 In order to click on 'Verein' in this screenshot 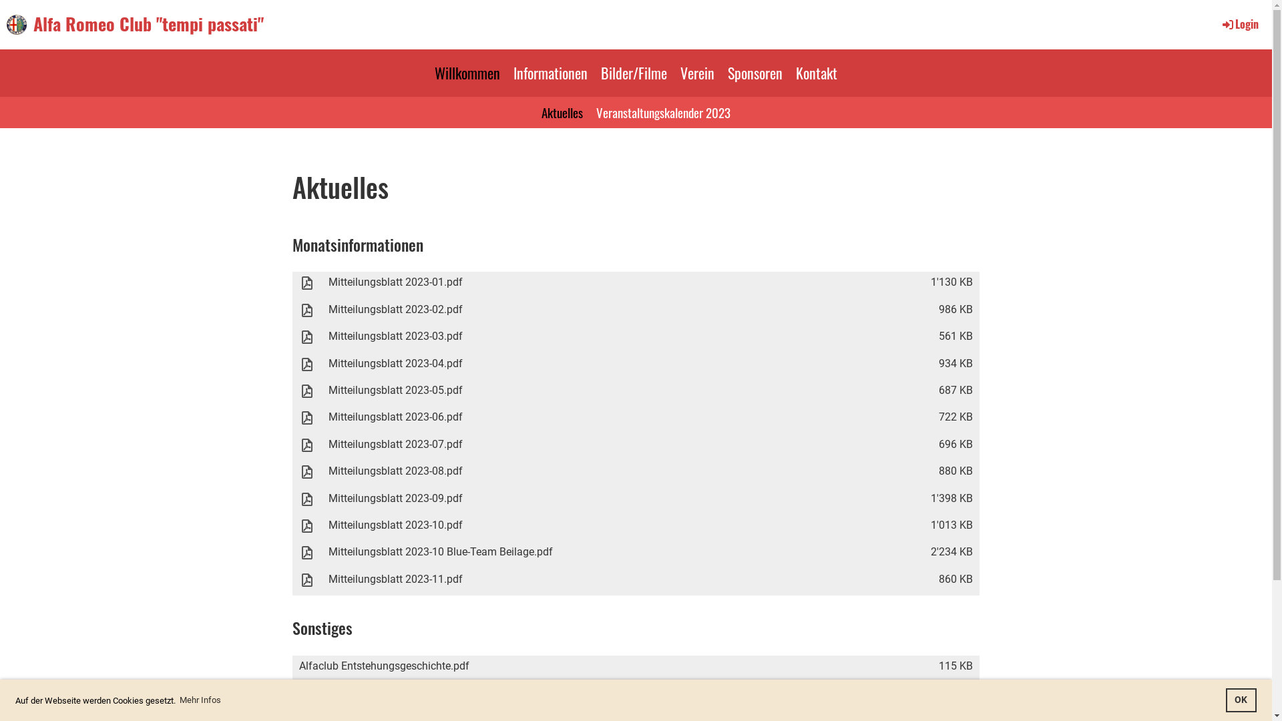, I will do `click(696, 73)`.